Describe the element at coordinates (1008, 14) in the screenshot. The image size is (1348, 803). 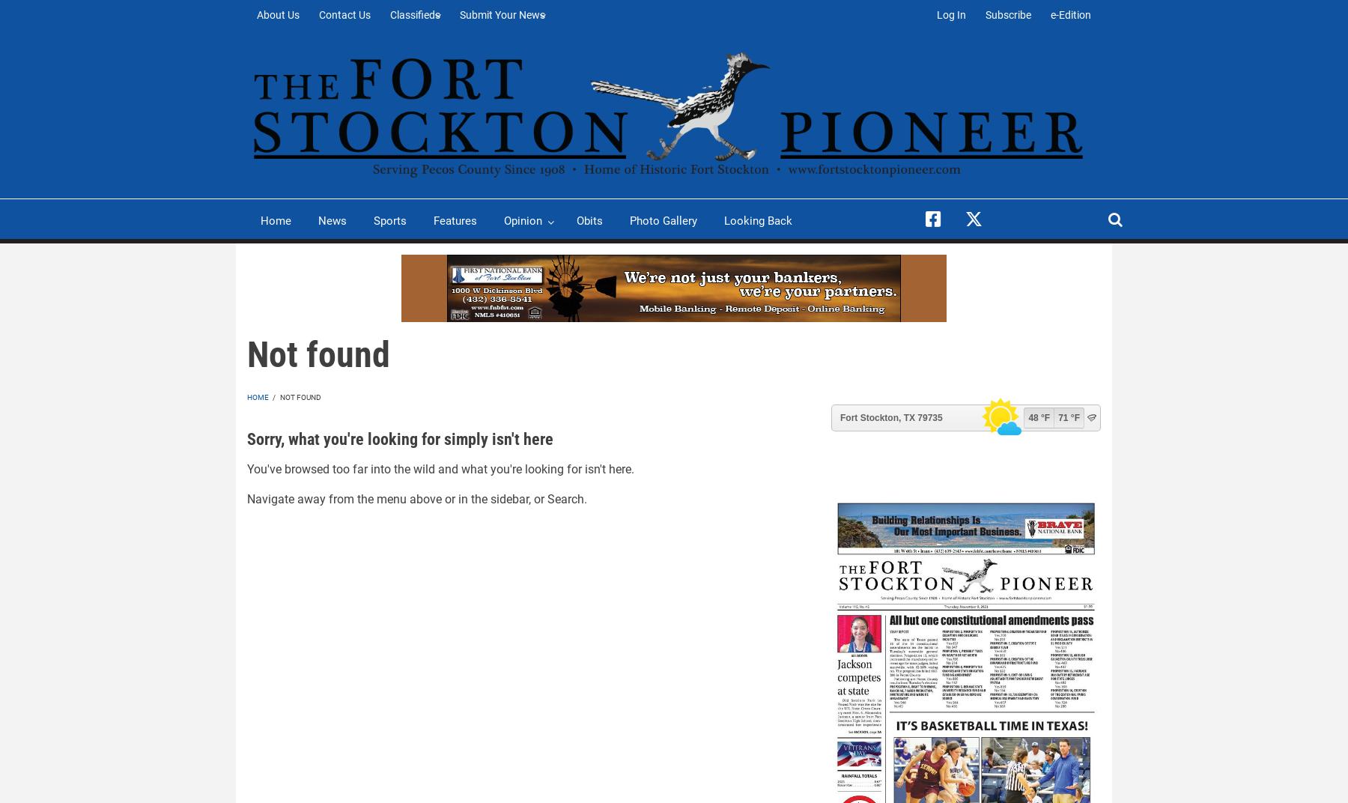
I see `'Subscribe'` at that location.